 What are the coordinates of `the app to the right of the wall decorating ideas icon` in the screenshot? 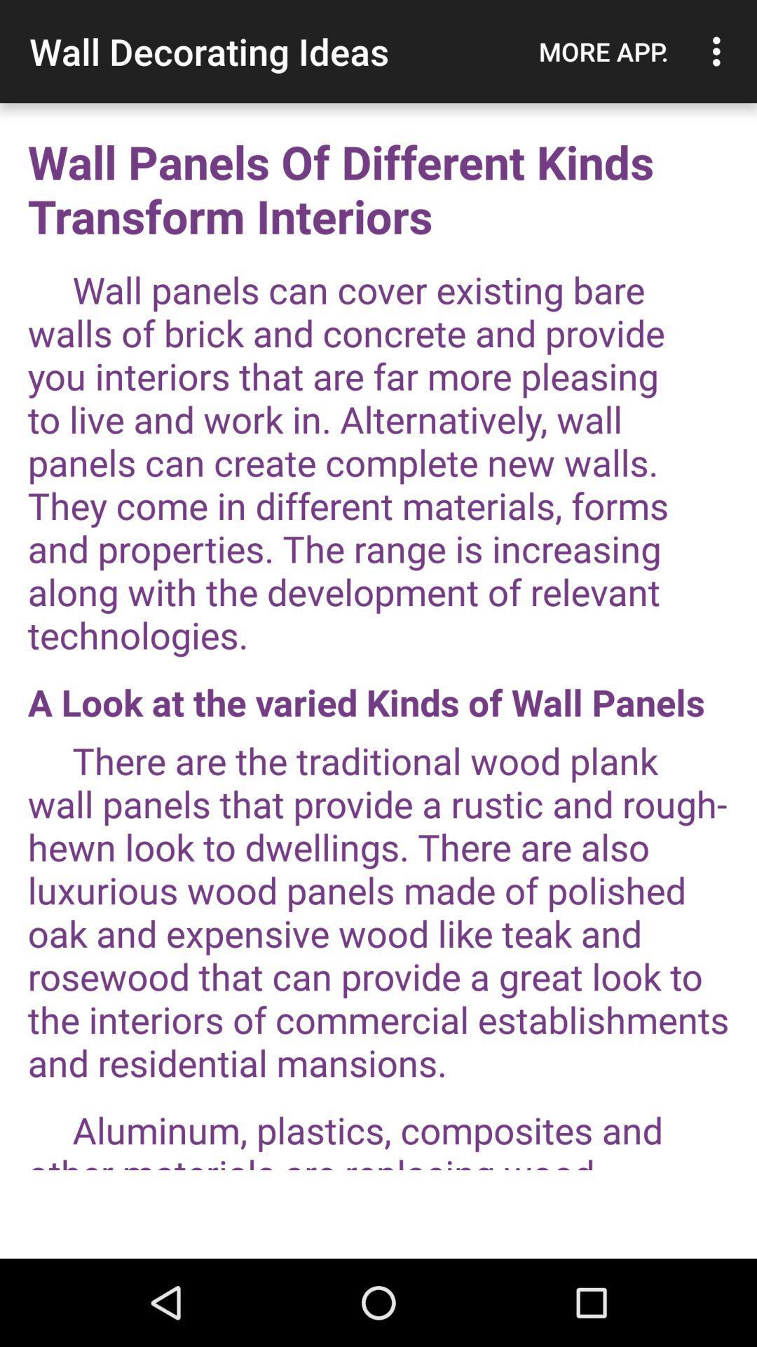 It's located at (603, 51).